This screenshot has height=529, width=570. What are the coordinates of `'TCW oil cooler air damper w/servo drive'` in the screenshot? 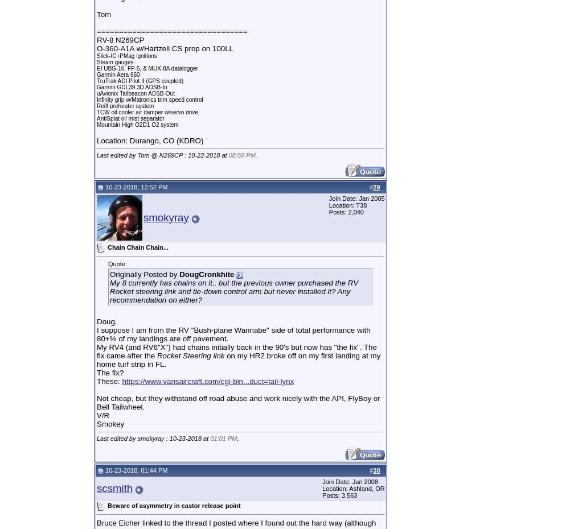 It's located at (146, 111).